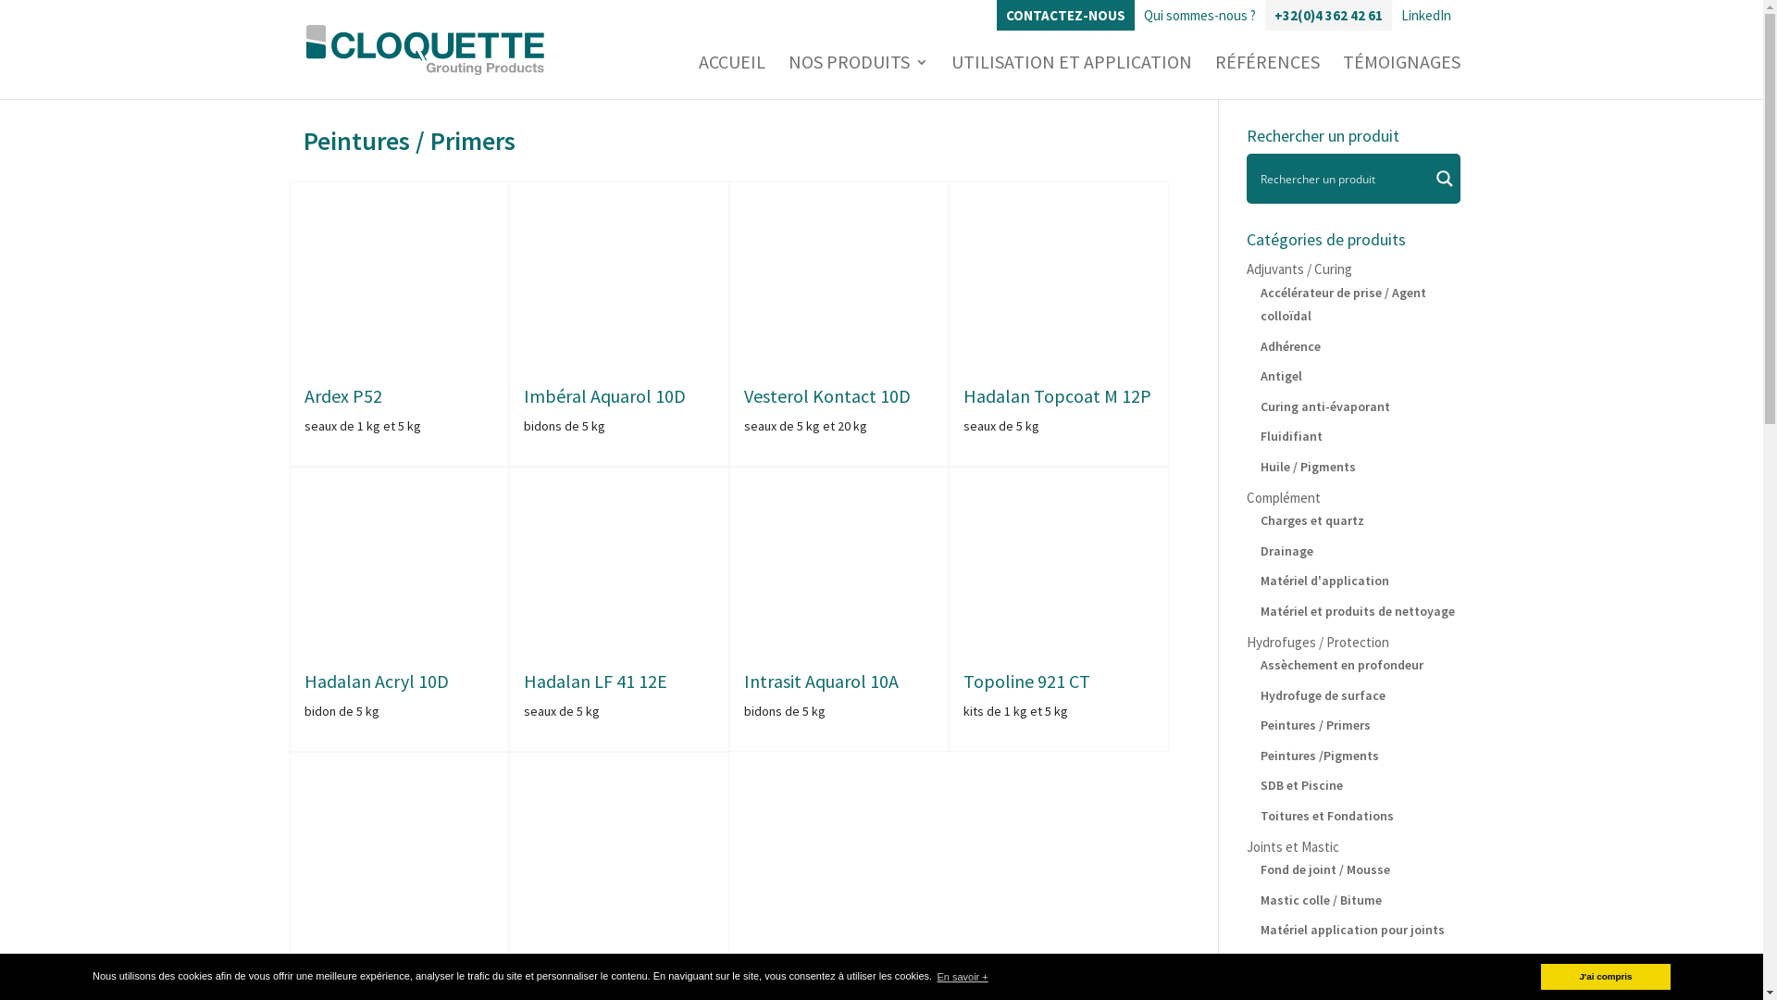  What do you see at coordinates (1247, 269) in the screenshot?
I see `'Adjuvants / Curing'` at bounding box center [1247, 269].